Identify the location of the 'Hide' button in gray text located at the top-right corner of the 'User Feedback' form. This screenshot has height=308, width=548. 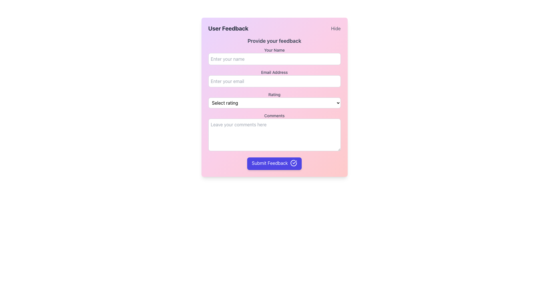
(336, 29).